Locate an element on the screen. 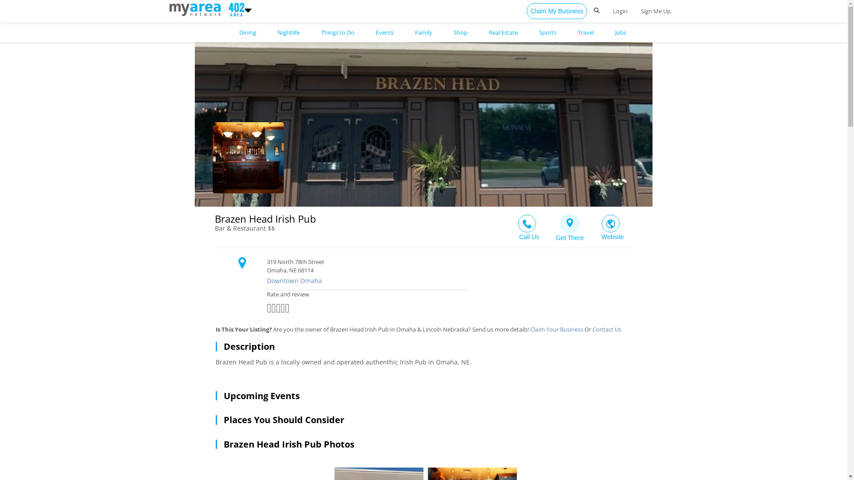  'Claim My Business' is located at coordinates (556, 11).